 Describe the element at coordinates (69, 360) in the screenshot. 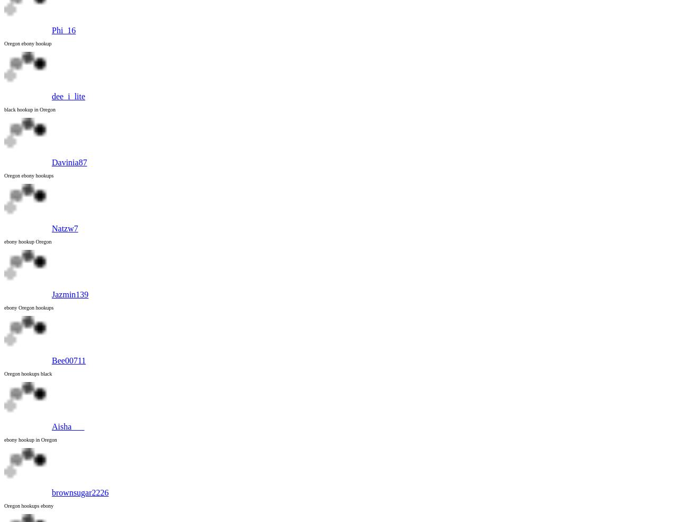

I see `'Bee00711'` at that location.